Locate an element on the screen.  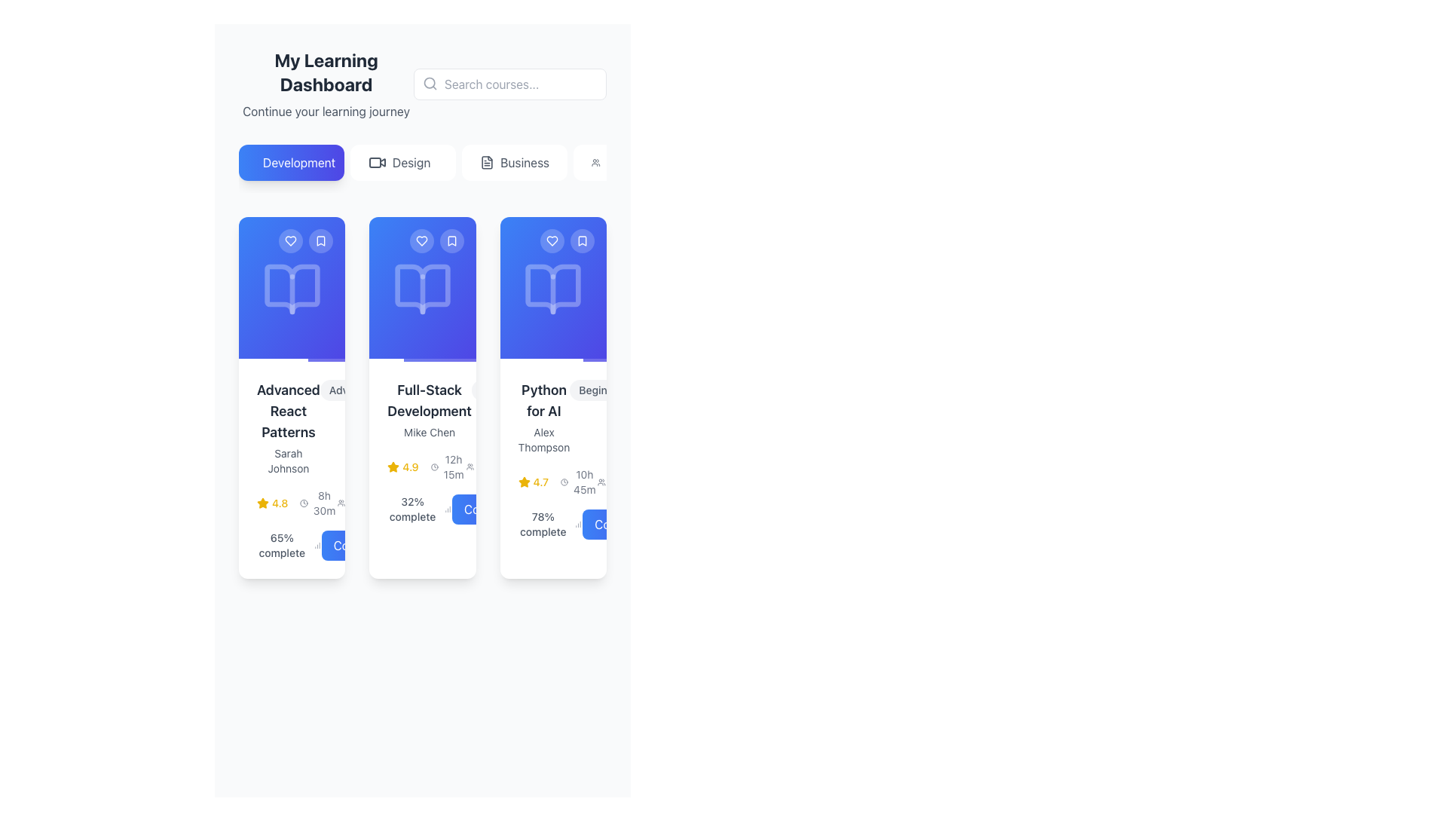
the 'Beginner' text label located at the top-right corner of the 'Python for AI' course card is located at coordinates (600, 389).